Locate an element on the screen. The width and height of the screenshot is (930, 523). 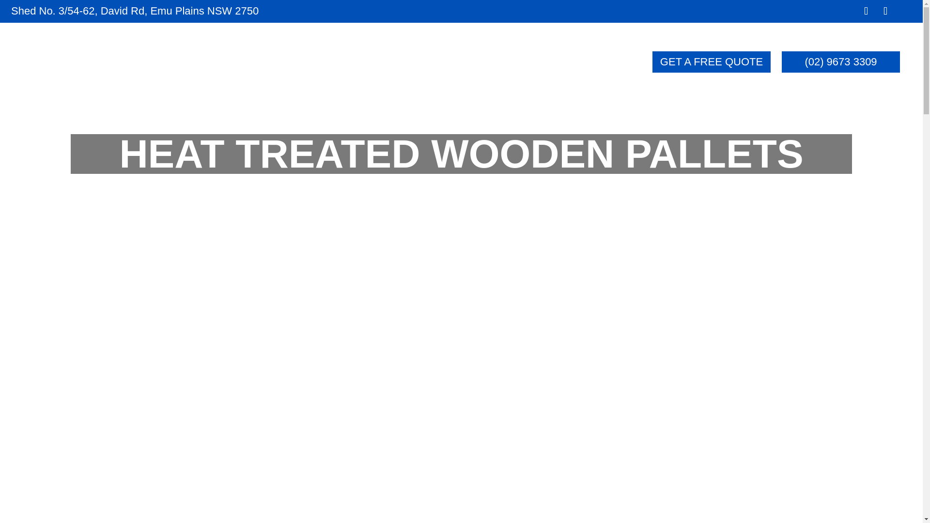
'CONTACT' is located at coordinates (575, 63).